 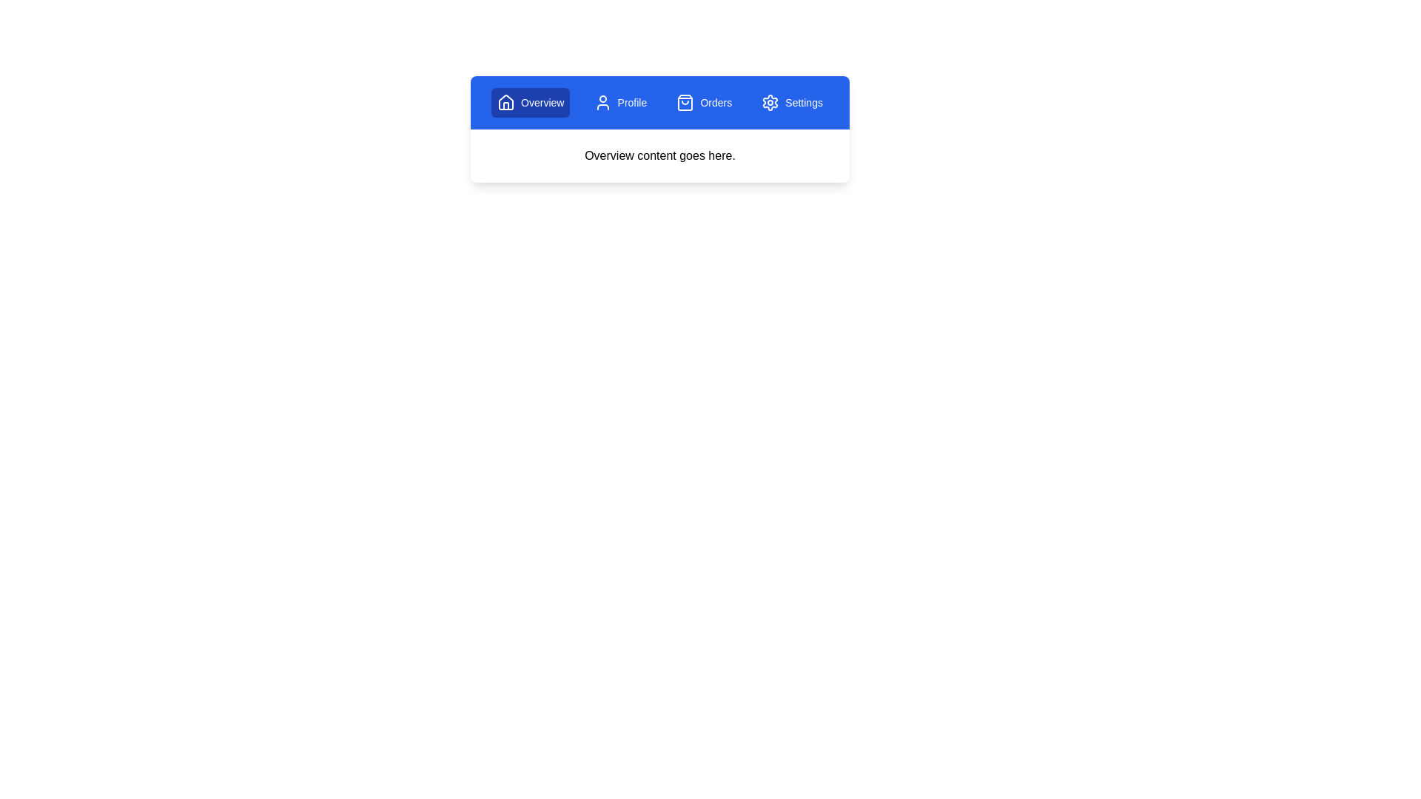 I want to click on the house icon in the blue navigation bar that identifies the 'Overview' section, so click(x=506, y=101).